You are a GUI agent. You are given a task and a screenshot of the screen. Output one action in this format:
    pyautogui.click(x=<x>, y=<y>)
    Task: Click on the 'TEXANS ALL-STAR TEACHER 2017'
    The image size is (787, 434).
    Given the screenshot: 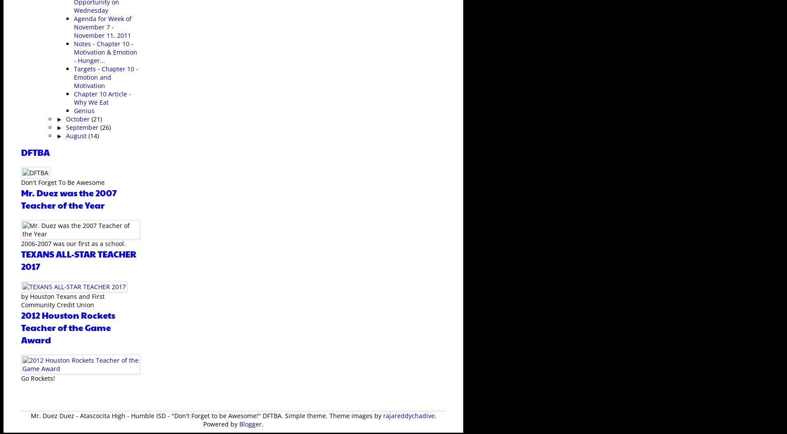 What is the action you would take?
    pyautogui.click(x=21, y=260)
    